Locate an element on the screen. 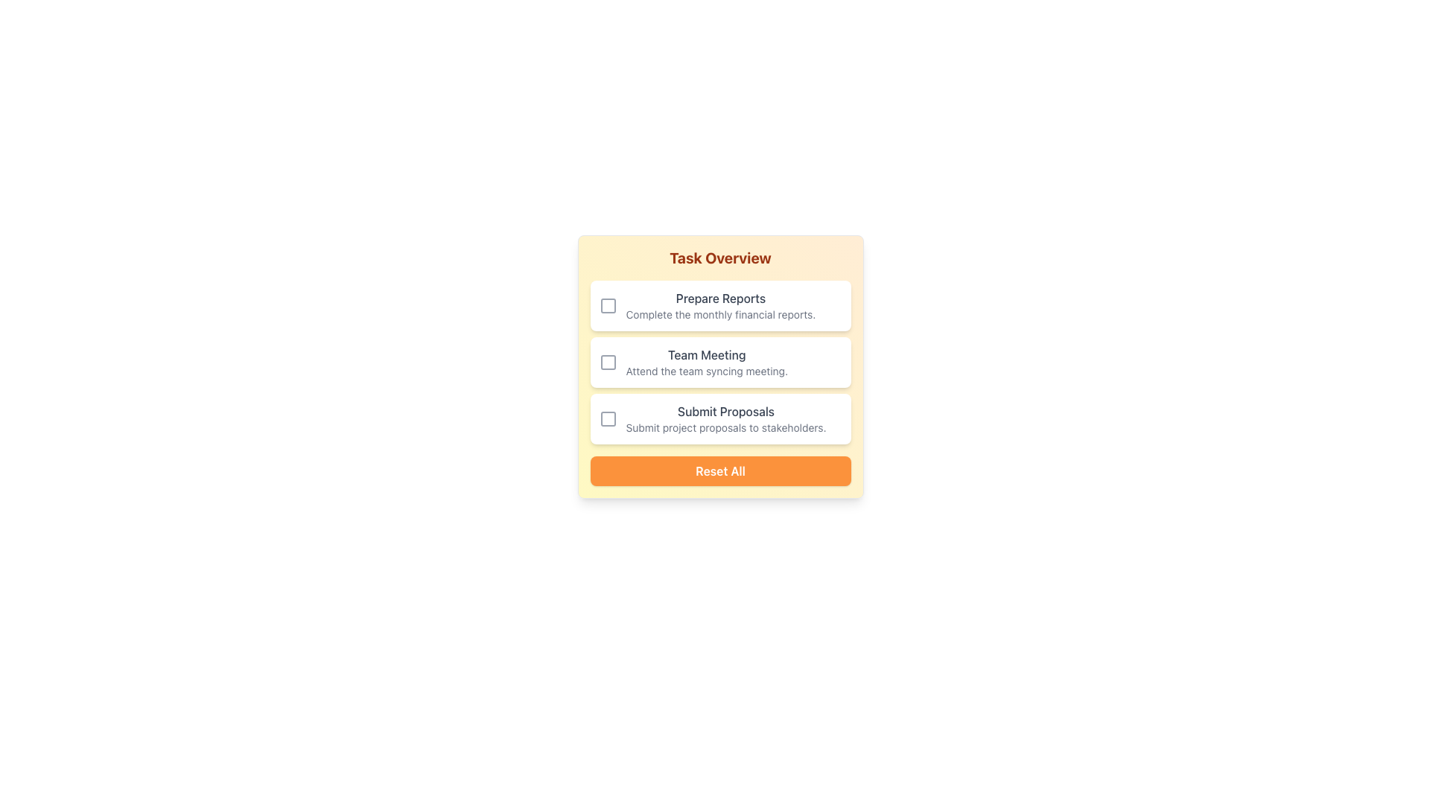 This screenshot has width=1430, height=804. the Text block that provides information about submitting proposals, located in the center-right area of the third task card is located at coordinates (725, 419).